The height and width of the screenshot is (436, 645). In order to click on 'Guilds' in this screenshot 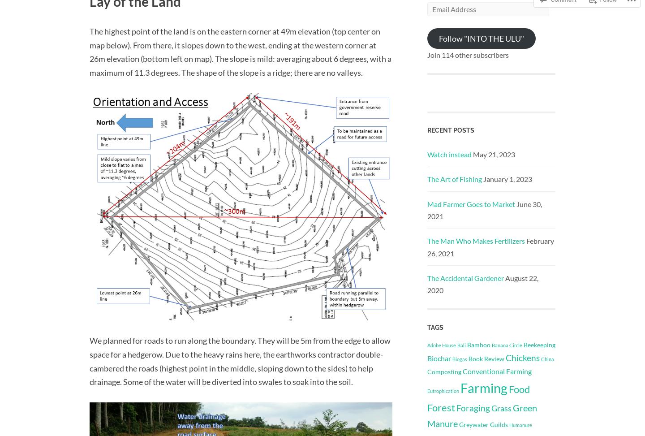, I will do `click(498, 424)`.